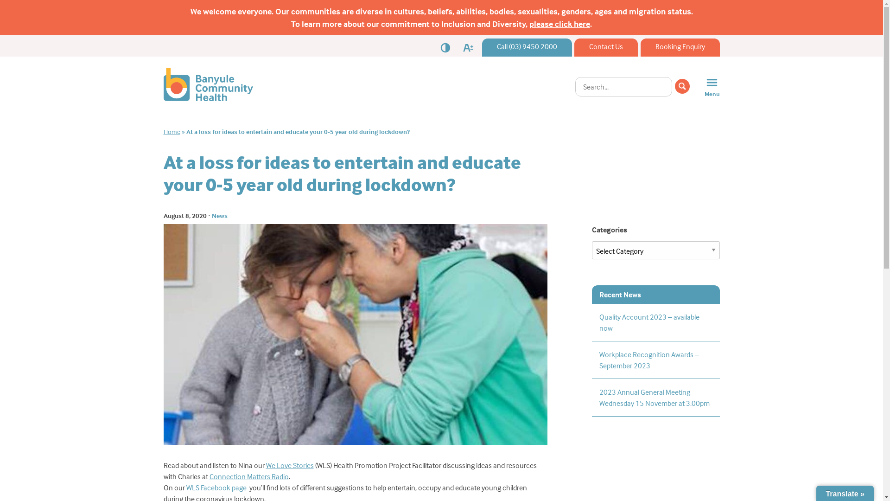 Image resolution: width=890 pixels, height=501 pixels. Describe the element at coordinates (468, 46) in the screenshot. I see `'Font Size'` at that location.